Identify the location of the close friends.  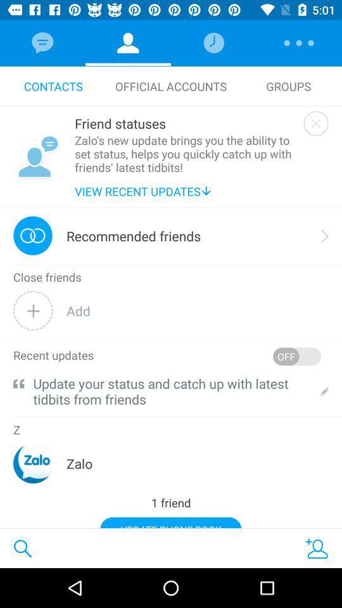
(46, 277).